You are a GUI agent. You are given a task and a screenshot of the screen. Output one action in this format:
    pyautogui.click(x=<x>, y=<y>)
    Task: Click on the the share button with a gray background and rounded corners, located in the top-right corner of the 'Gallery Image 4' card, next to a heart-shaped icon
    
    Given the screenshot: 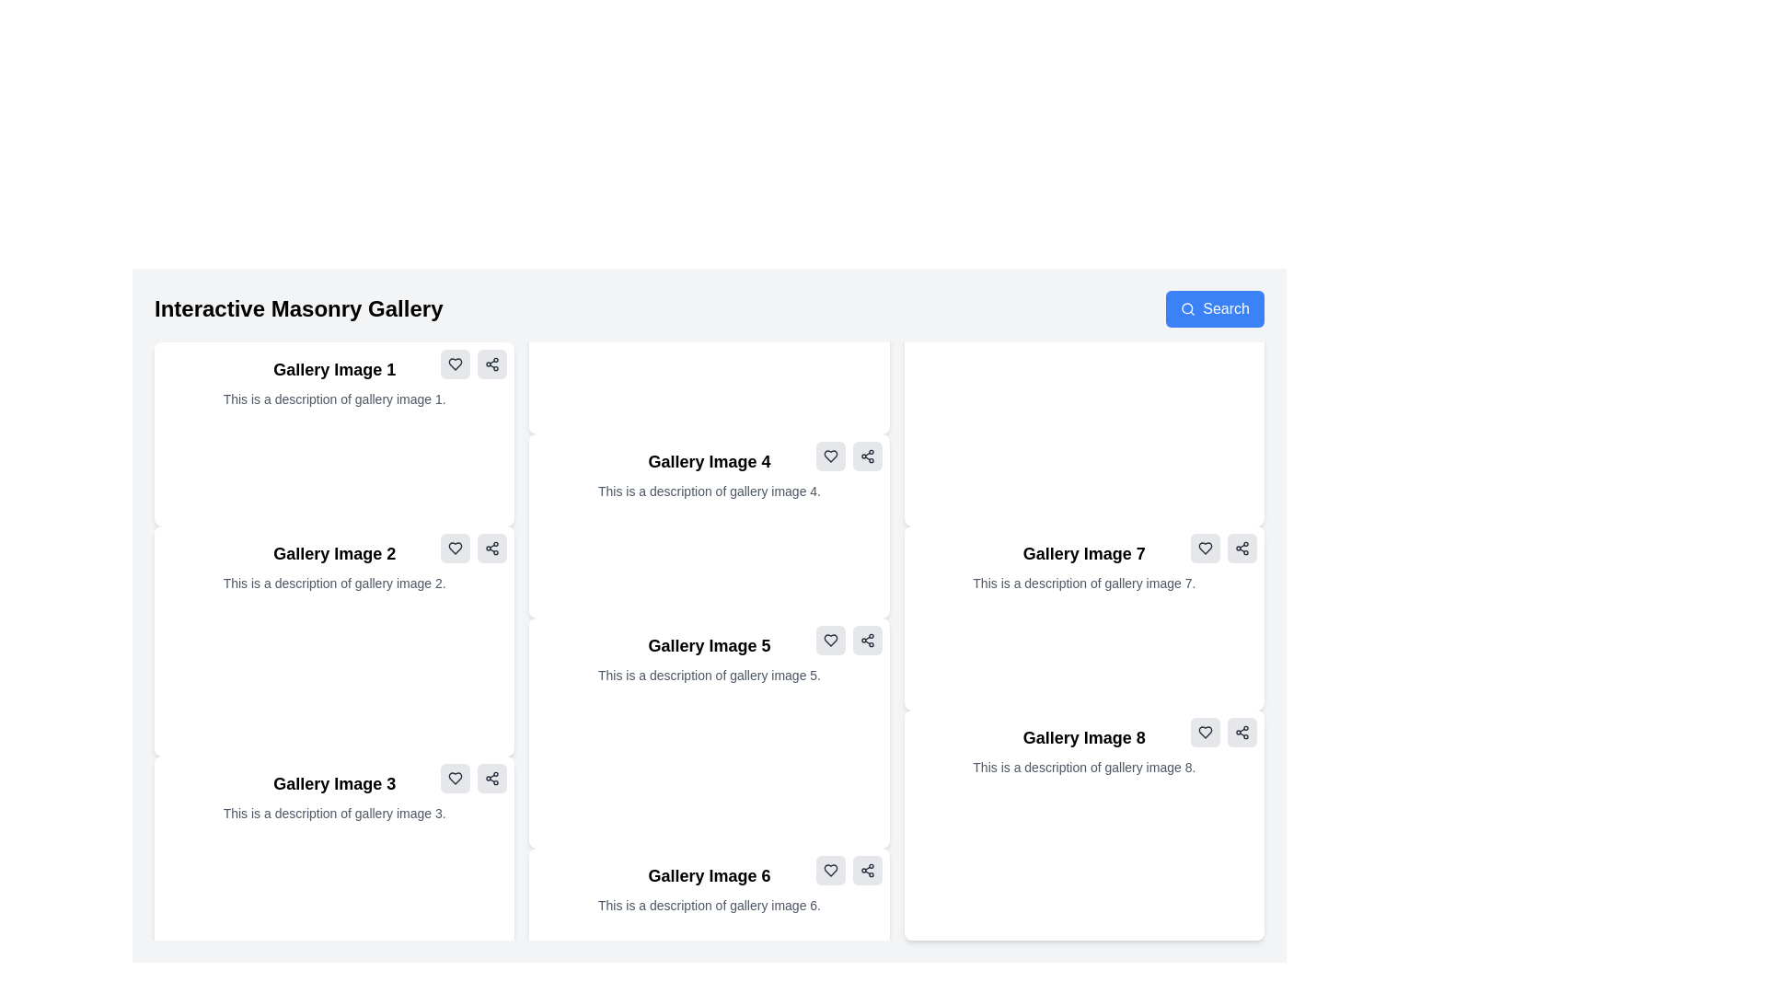 What is the action you would take?
    pyautogui.click(x=866, y=456)
    